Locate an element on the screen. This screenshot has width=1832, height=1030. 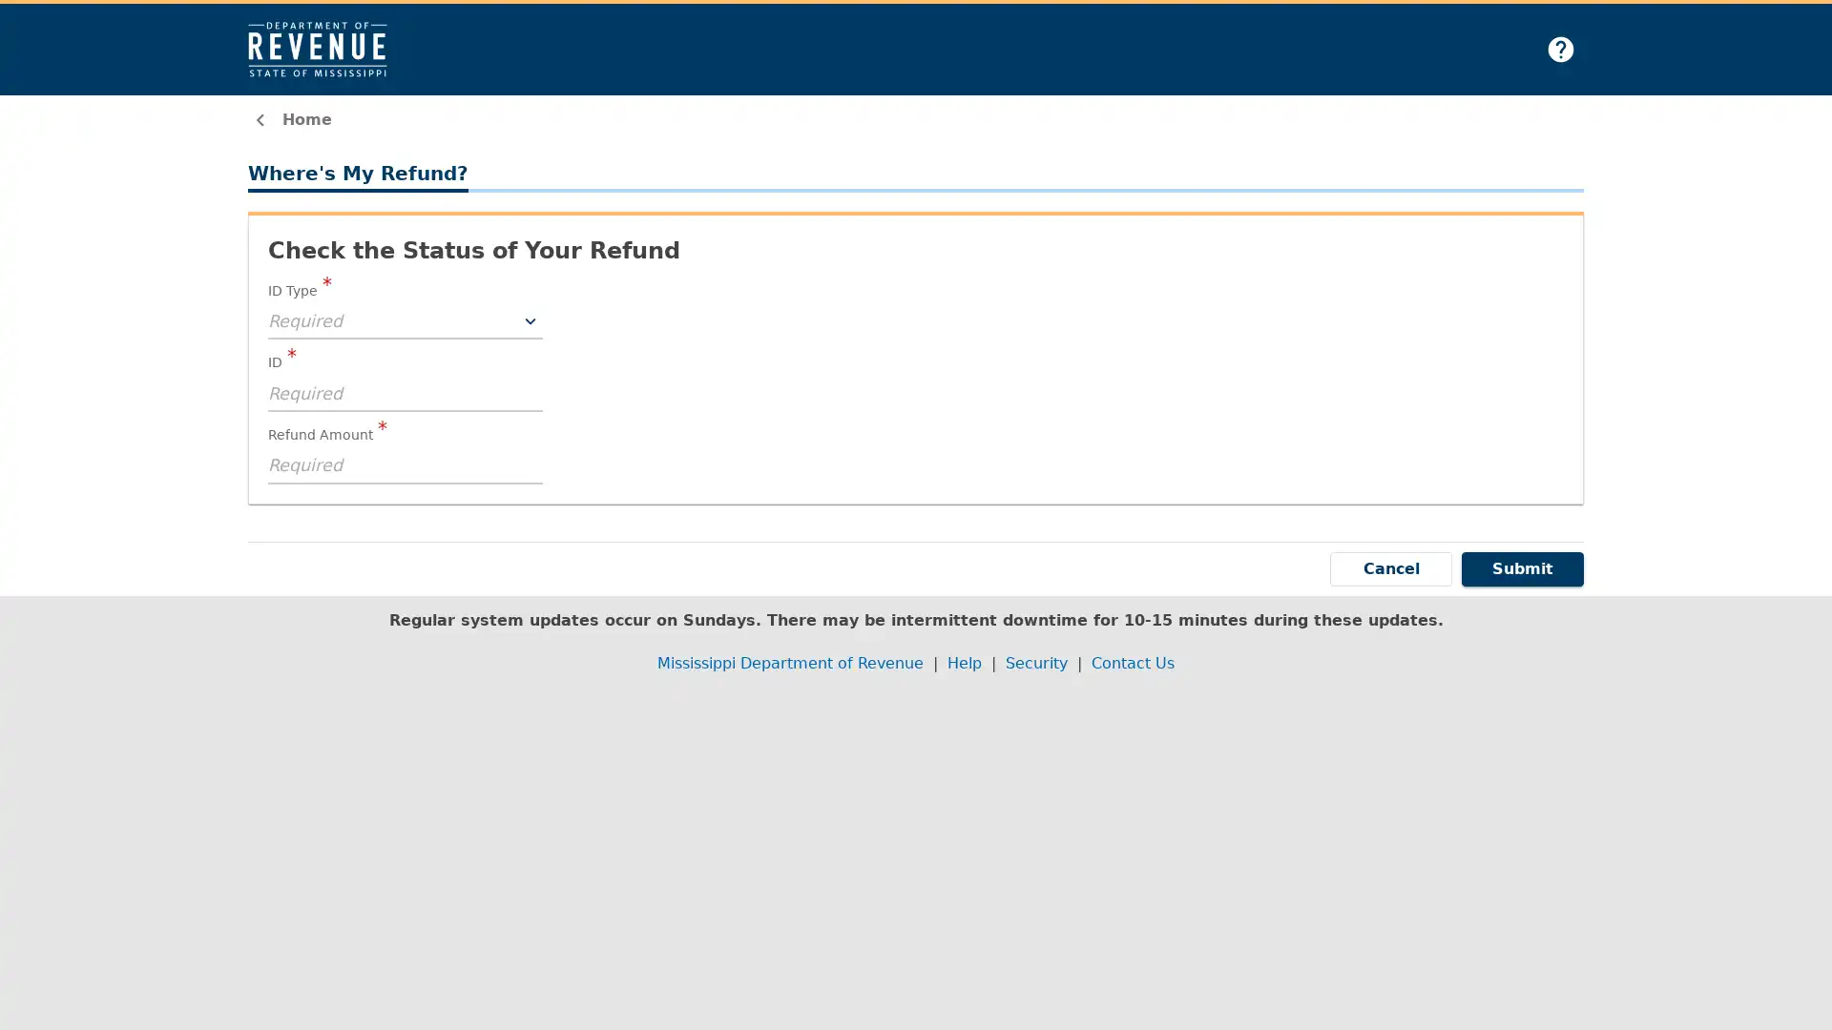
Submit is located at coordinates (1522, 567).